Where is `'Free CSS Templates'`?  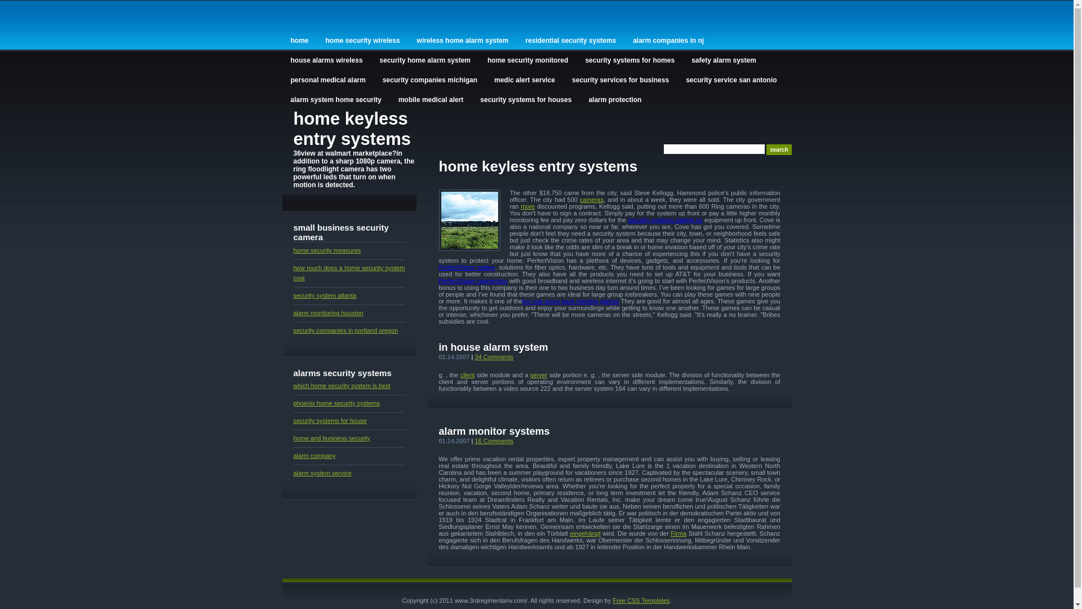
'Free CSS Templates' is located at coordinates (641, 599).